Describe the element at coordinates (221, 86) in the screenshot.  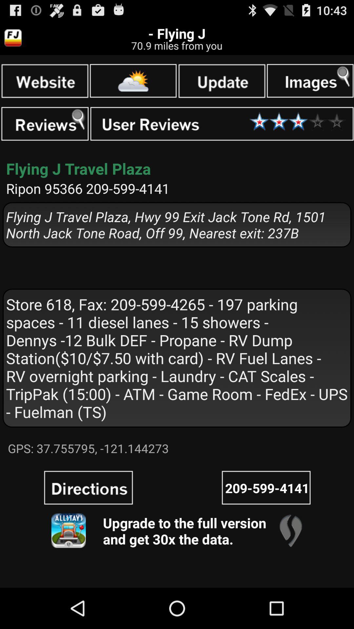
I see `the date_range icon` at that location.